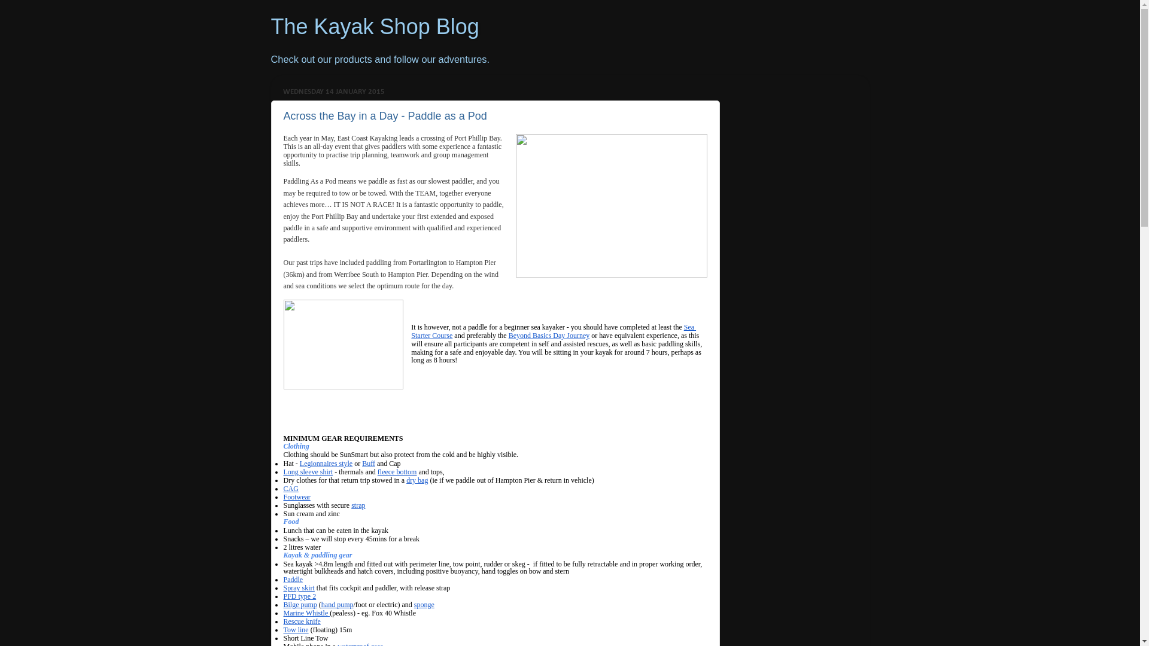  Describe the element at coordinates (548, 334) in the screenshot. I see `'Beyond Basics Day Journey'` at that location.